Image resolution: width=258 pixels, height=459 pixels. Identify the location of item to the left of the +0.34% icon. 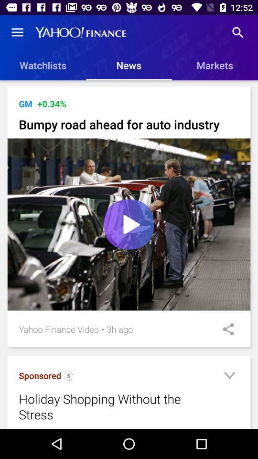
(25, 104).